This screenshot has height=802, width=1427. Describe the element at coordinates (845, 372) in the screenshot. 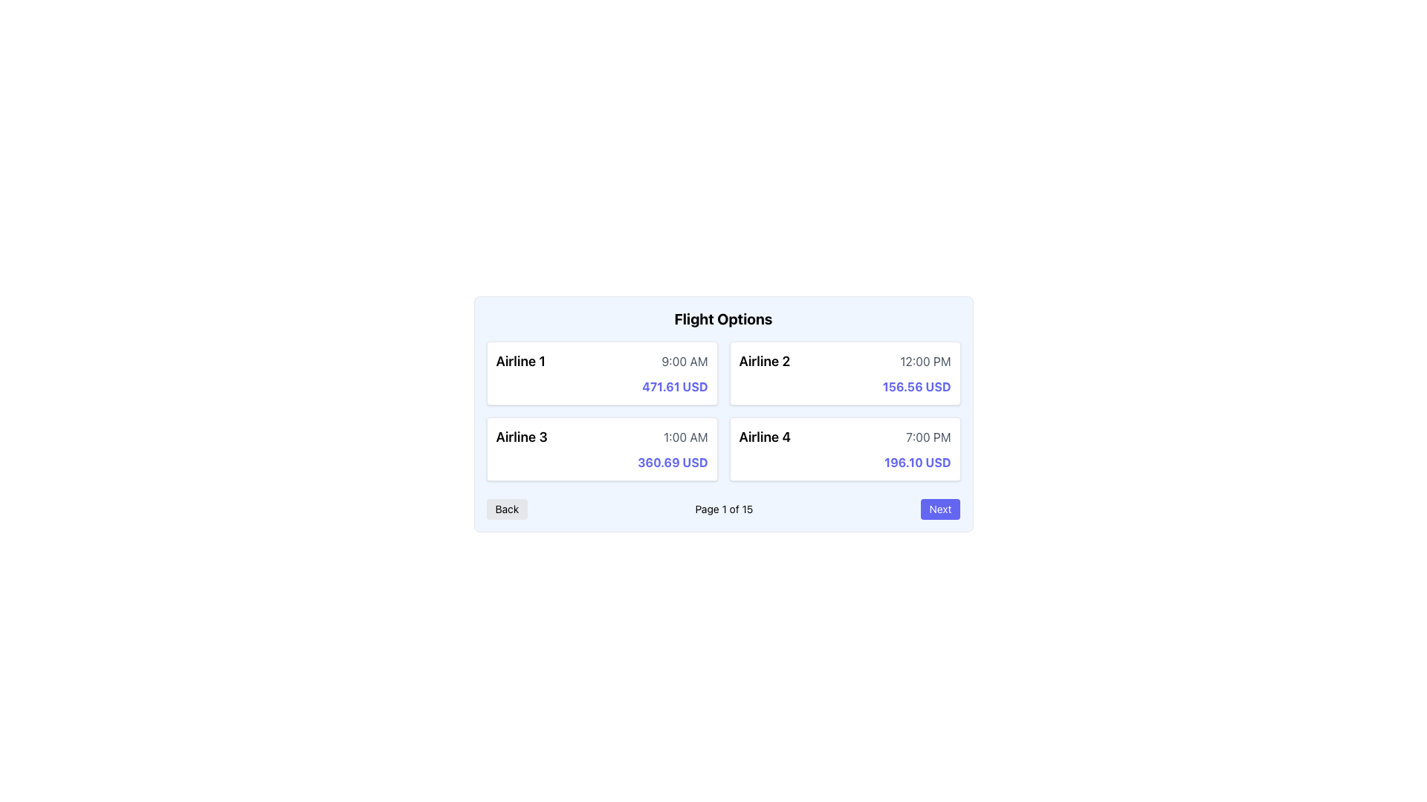

I see `the selectable card representing a specific airline flight, located in the upper-right section of a 2x2 grid` at that location.